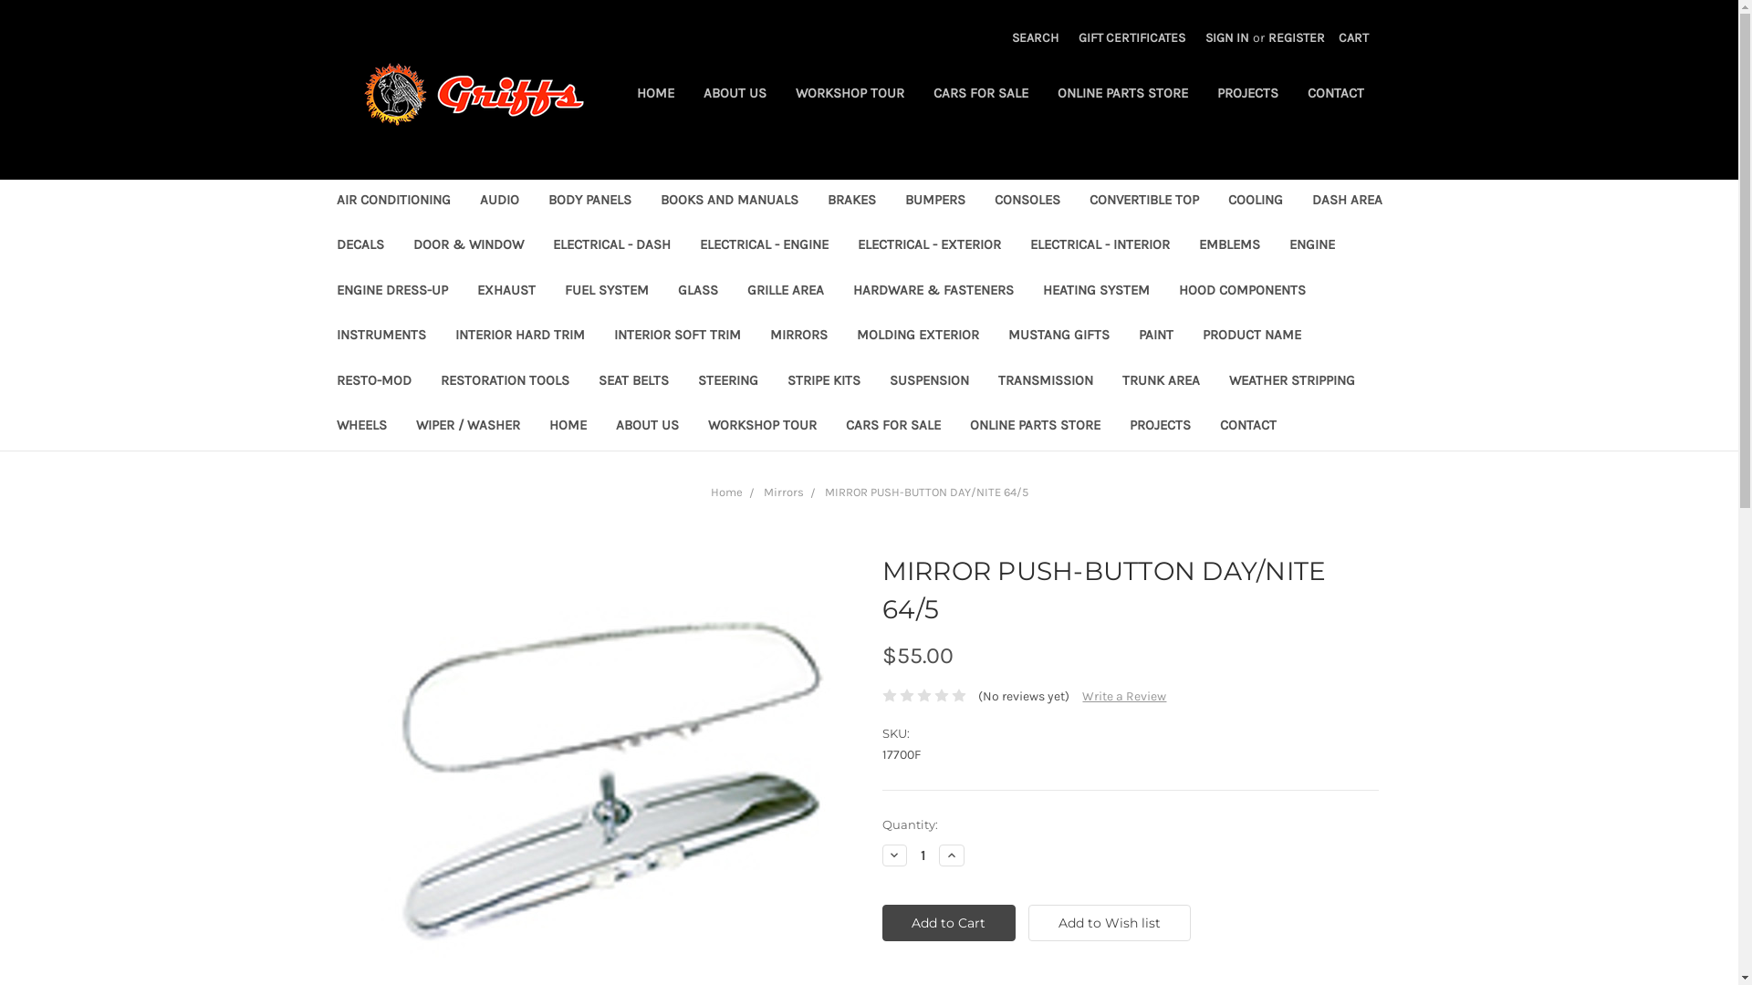 This screenshot has height=985, width=1752. I want to click on 'ELECTRICAL - INTERIOR', so click(1098, 246).